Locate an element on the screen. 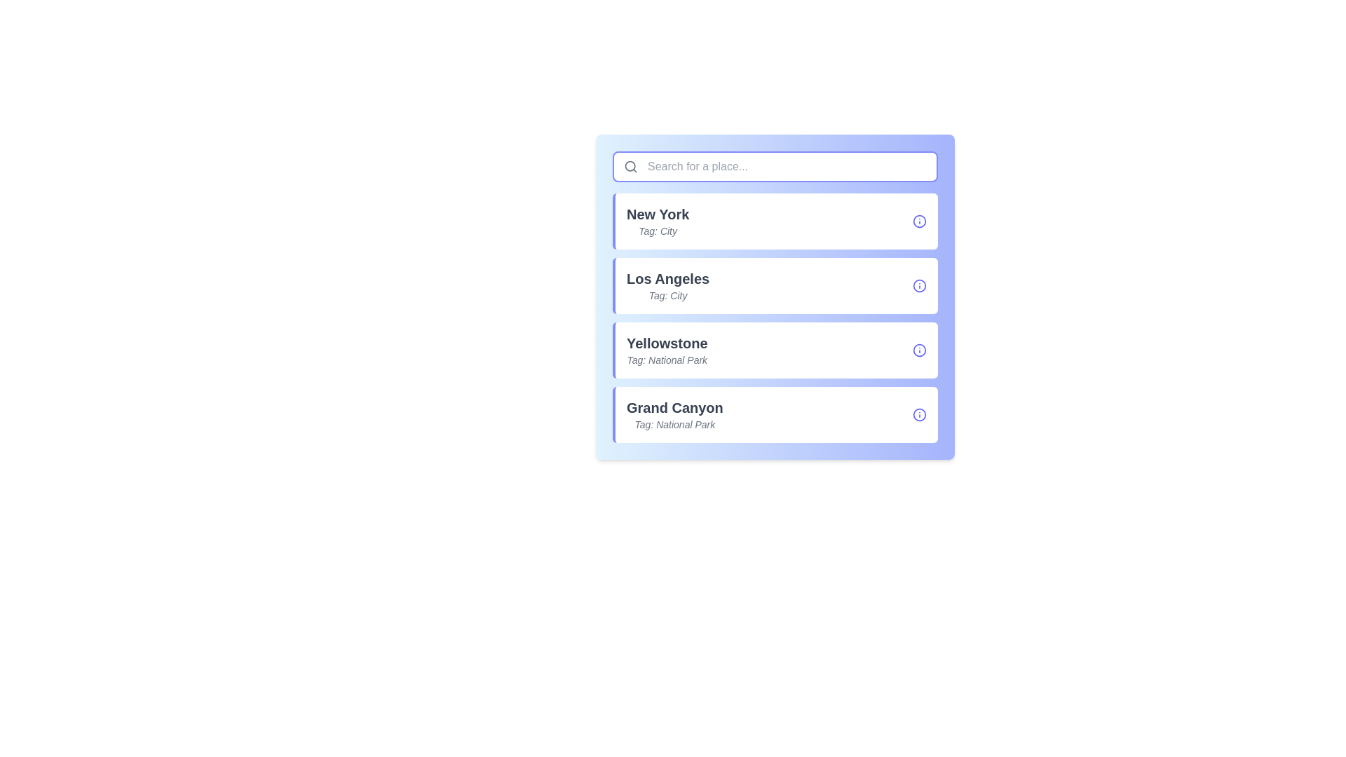 This screenshot has width=1346, height=757. the 'Yellowstone' card element, which is the third card in a vertical list of cards is located at coordinates (774, 350).